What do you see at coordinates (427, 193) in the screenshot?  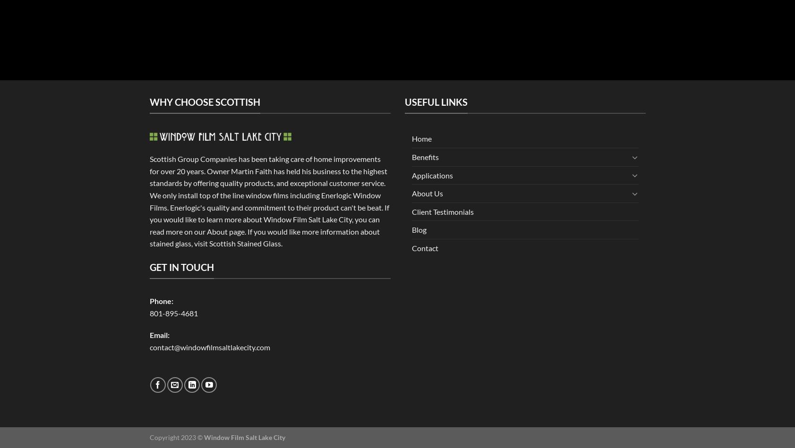 I see `'About Us'` at bounding box center [427, 193].